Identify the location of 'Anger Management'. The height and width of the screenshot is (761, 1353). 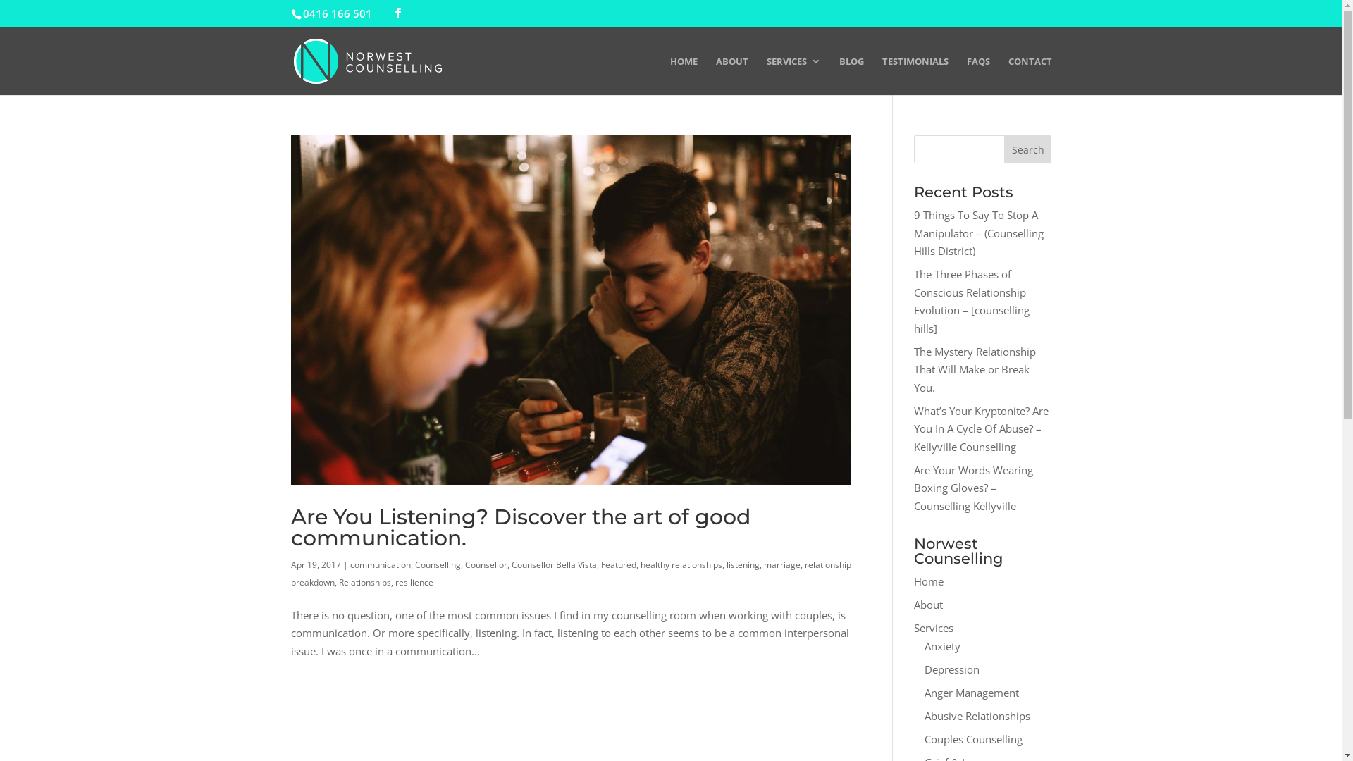
(970, 691).